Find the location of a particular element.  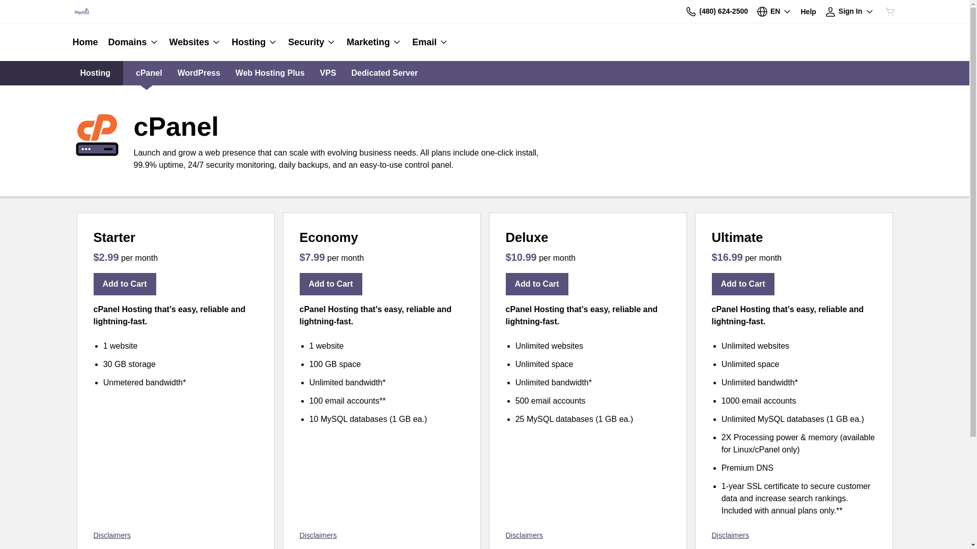

'cPanel' is located at coordinates (148, 72).